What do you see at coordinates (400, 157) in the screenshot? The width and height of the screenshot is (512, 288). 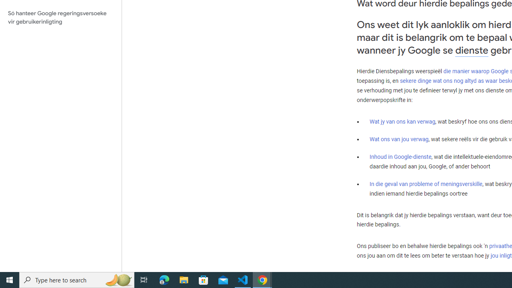 I see `'Inhoud in Google-dienste'` at bounding box center [400, 157].